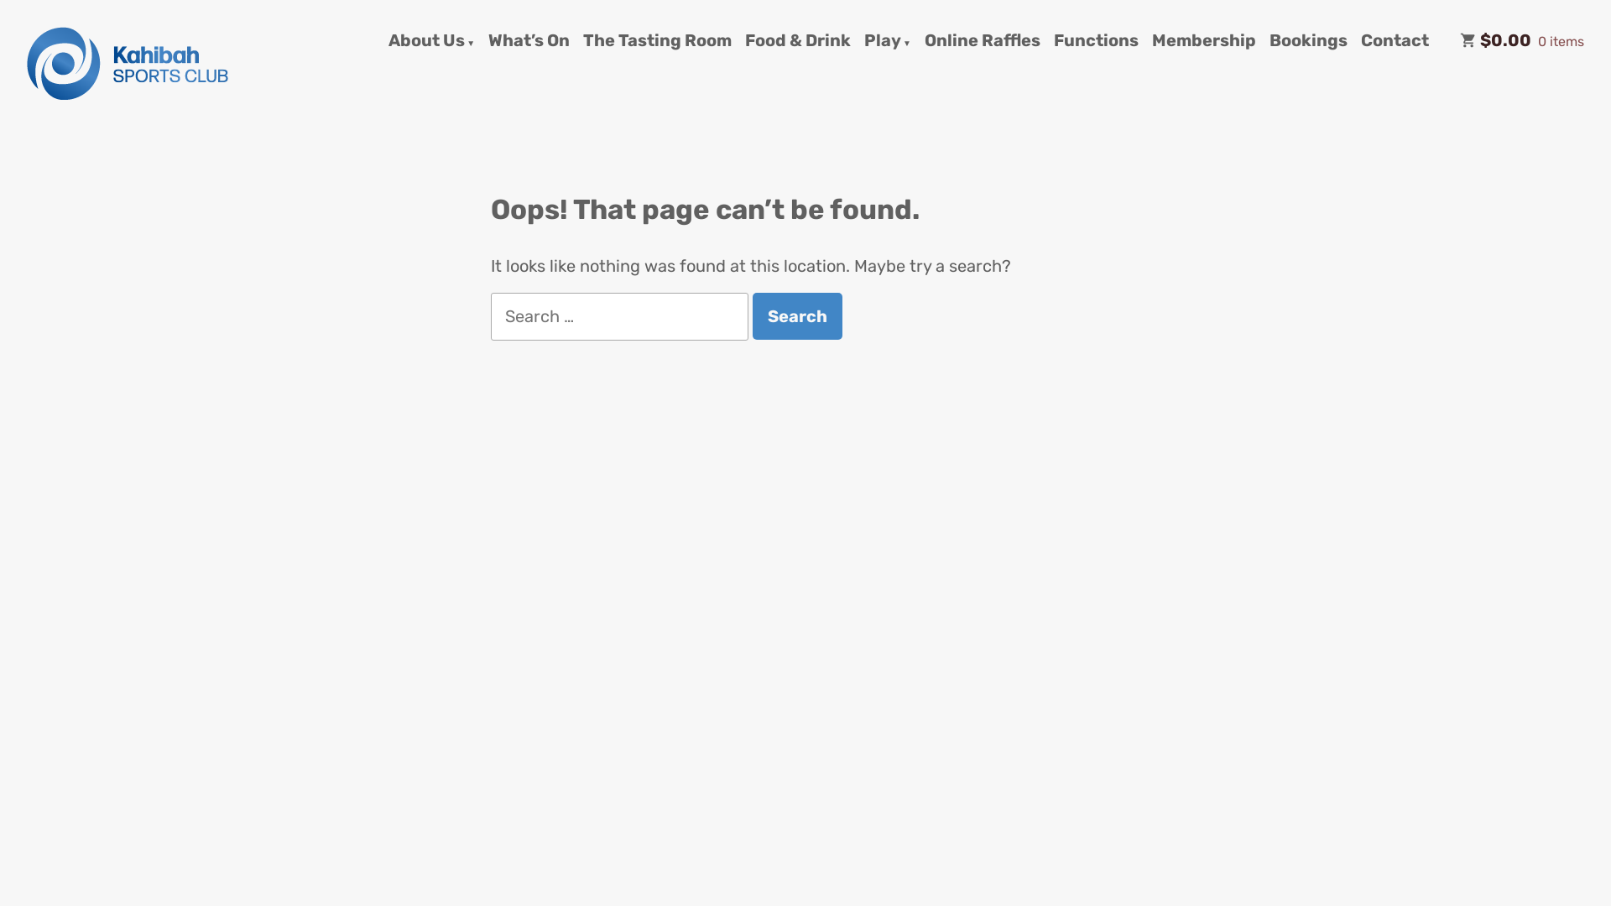  Describe the element at coordinates (1096, 40) in the screenshot. I see `'Functions'` at that location.